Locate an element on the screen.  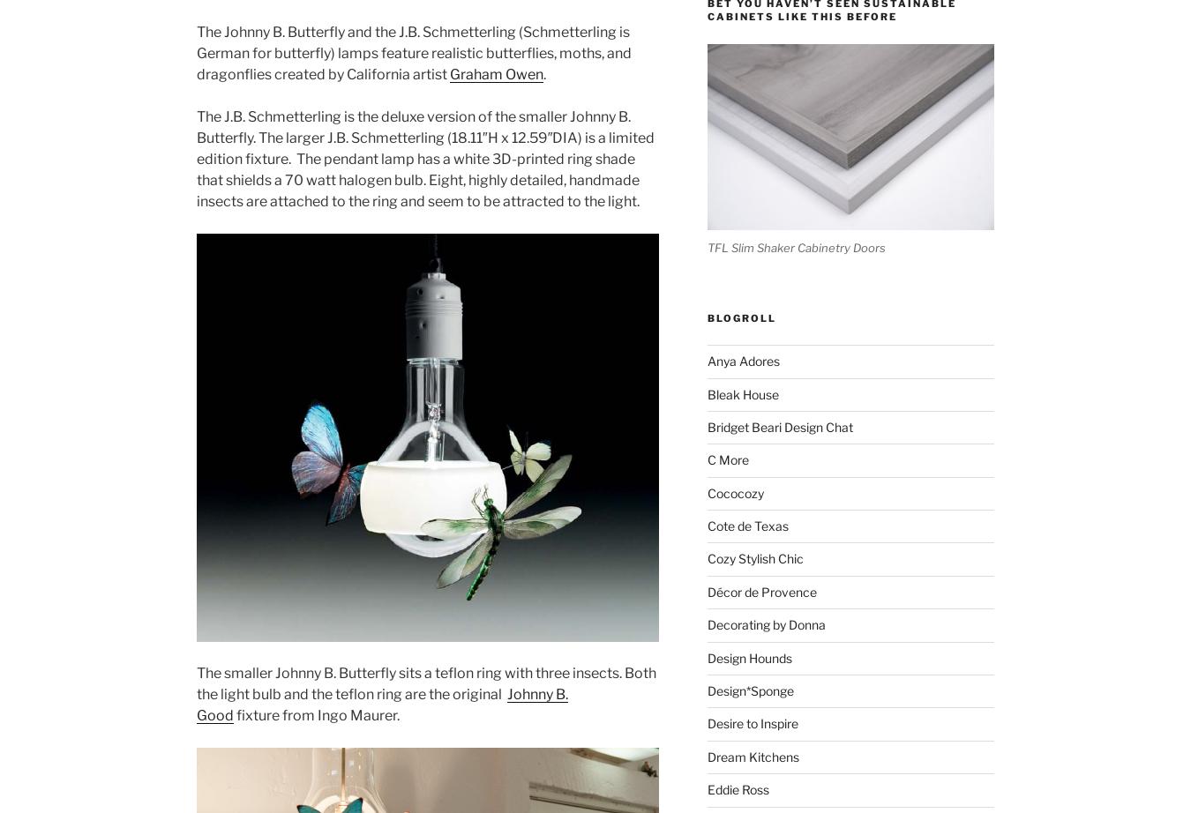
'Cote de Texas' is located at coordinates (746, 526).